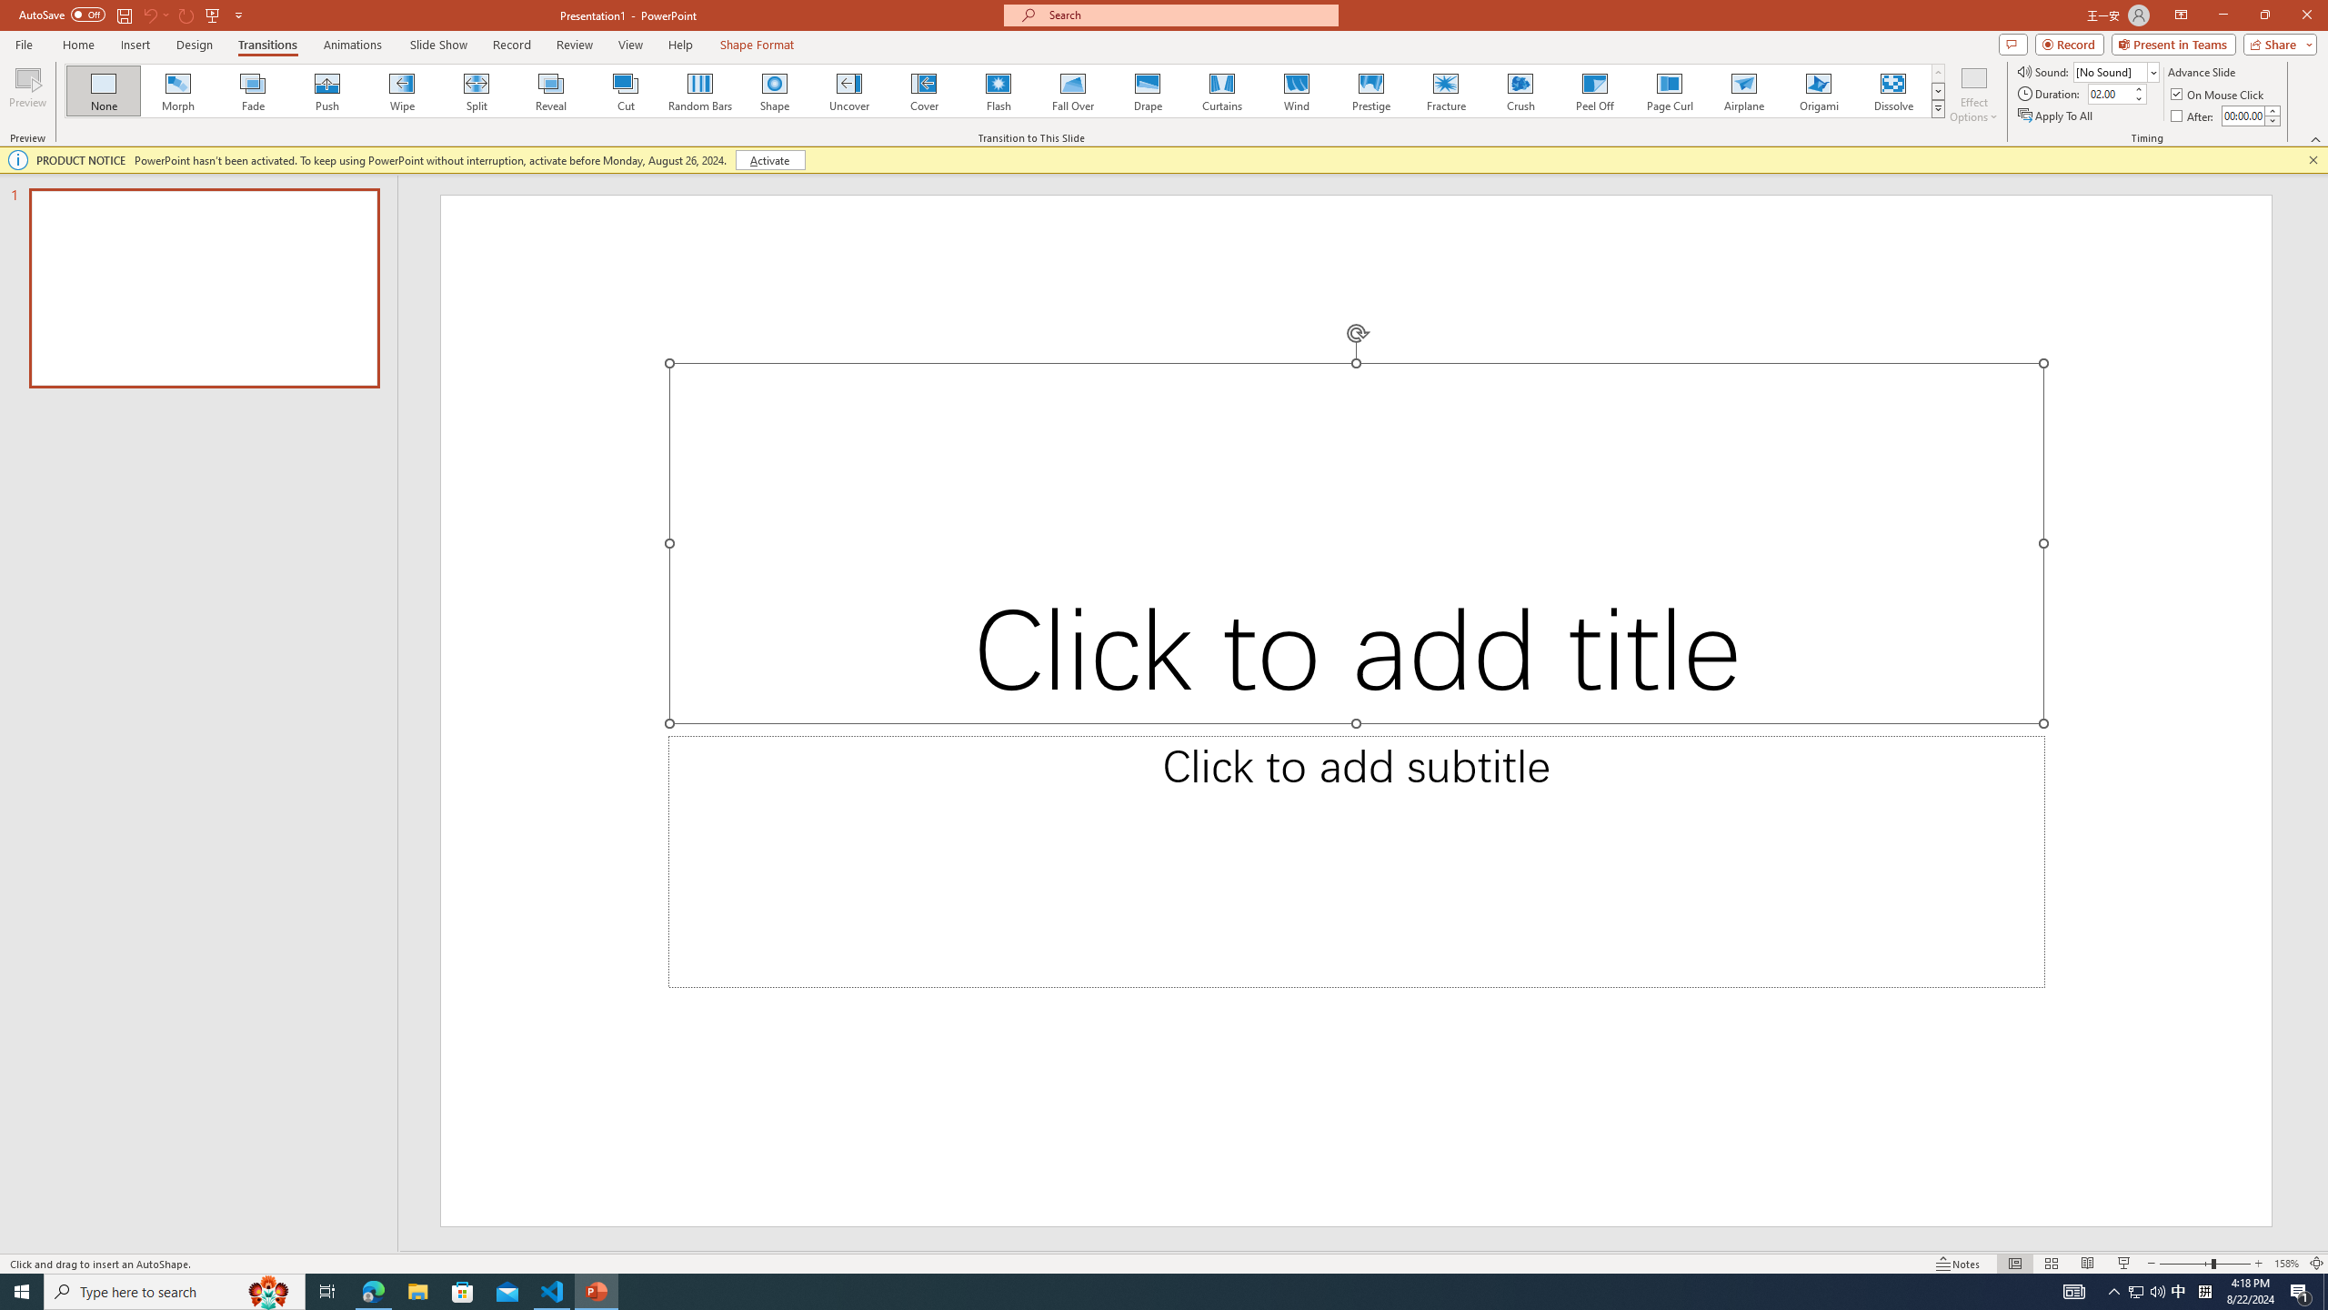 The width and height of the screenshot is (2328, 1310). What do you see at coordinates (757, 45) in the screenshot?
I see `'Shape Format'` at bounding box center [757, 45].